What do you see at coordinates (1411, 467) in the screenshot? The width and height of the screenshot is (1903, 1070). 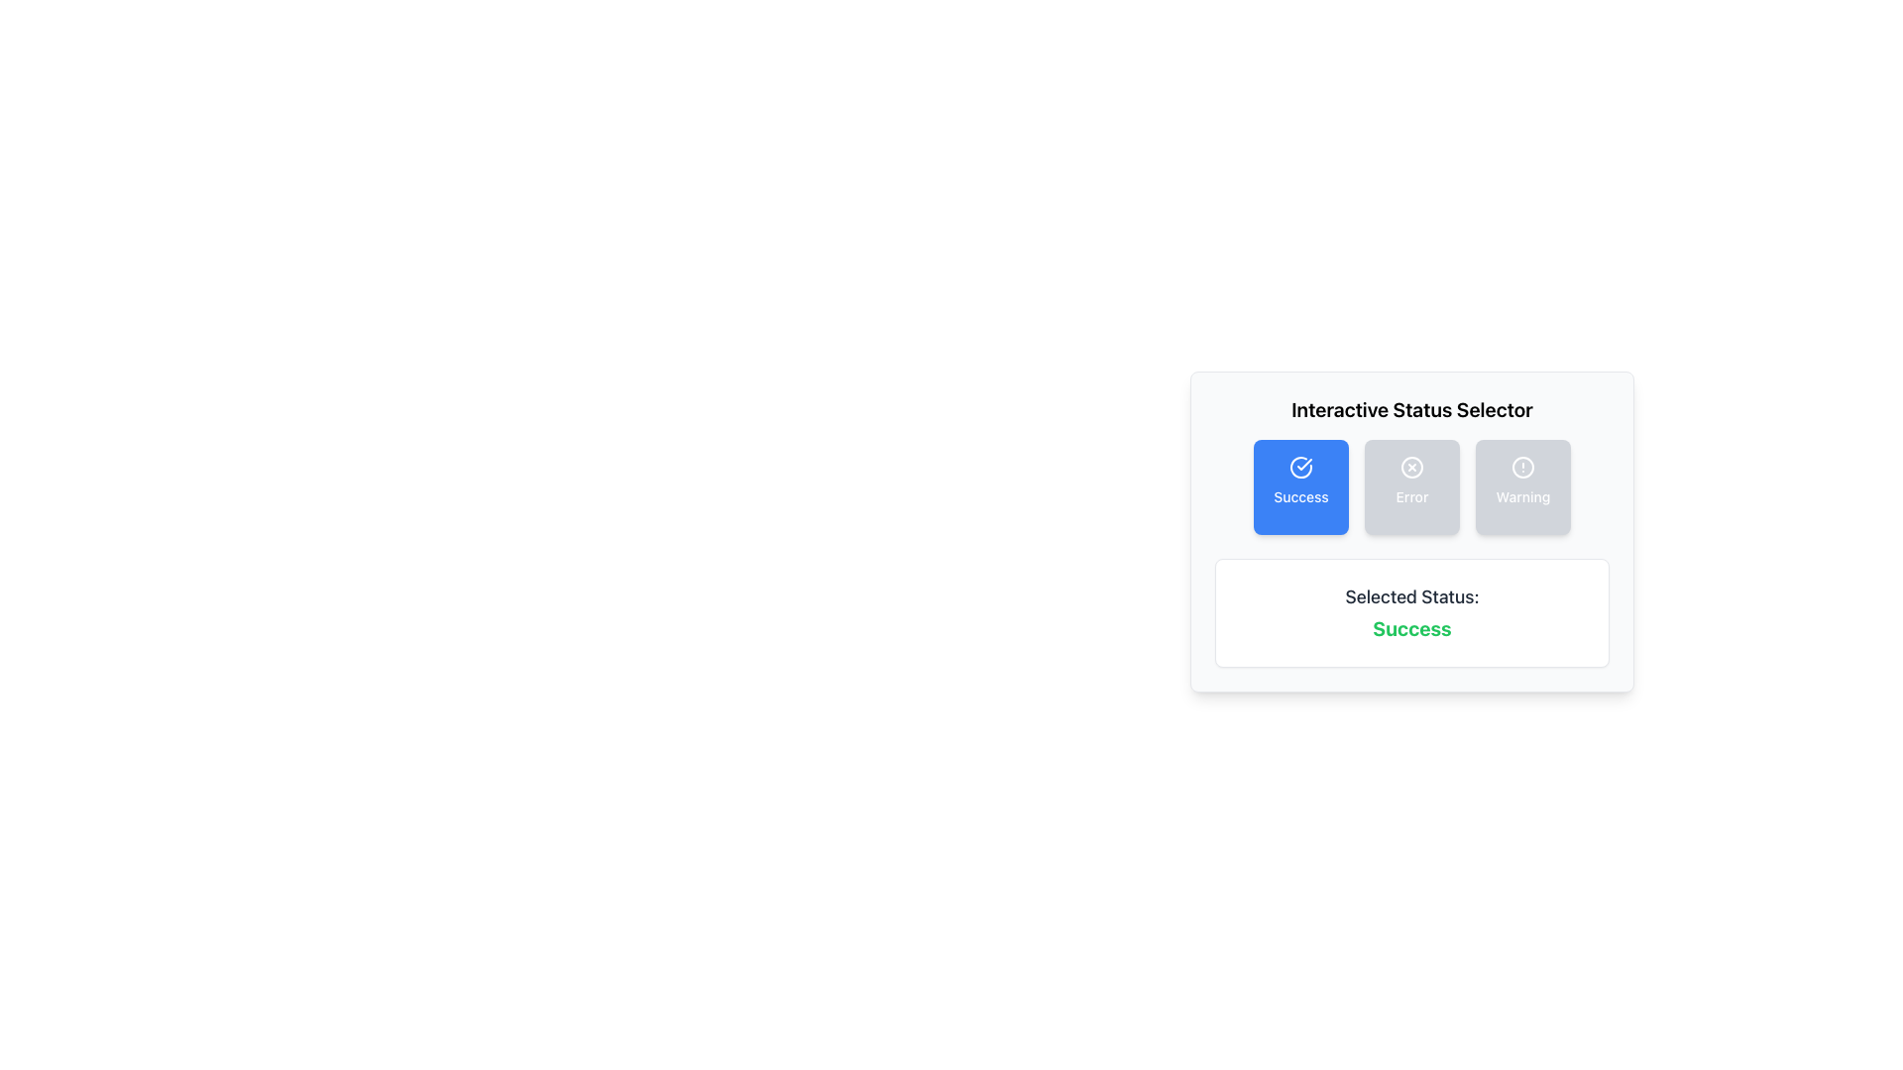 I see `the SVG circle element representing the circular structure of the 'Error' status option in the 'Interactive Status Selector'` at bounding box center [1411, 467].